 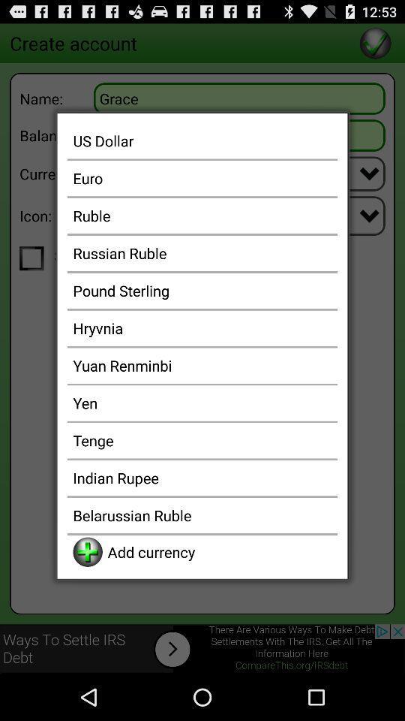 I want to click on indian rupee item, so click(x=202, y=477).